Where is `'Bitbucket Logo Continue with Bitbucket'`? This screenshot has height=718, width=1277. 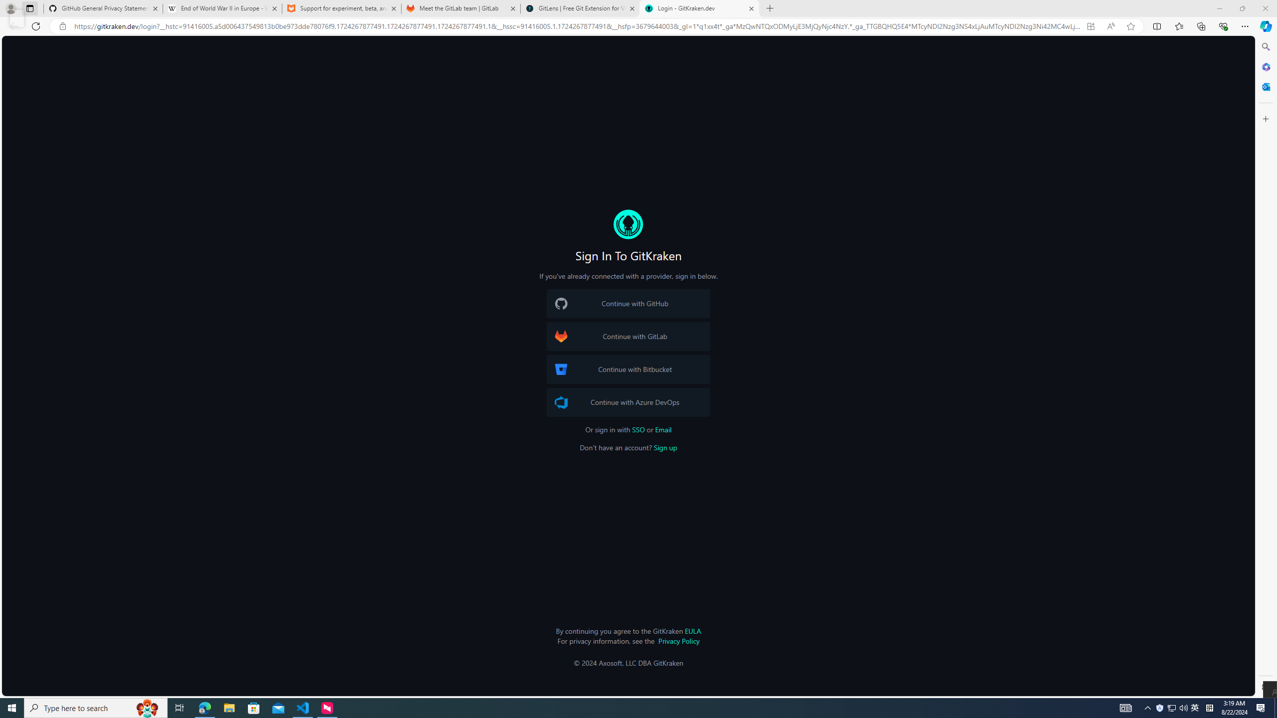
'Bitbucket Logo Continue with Bitbucket' is located at coordinates (628, 368).